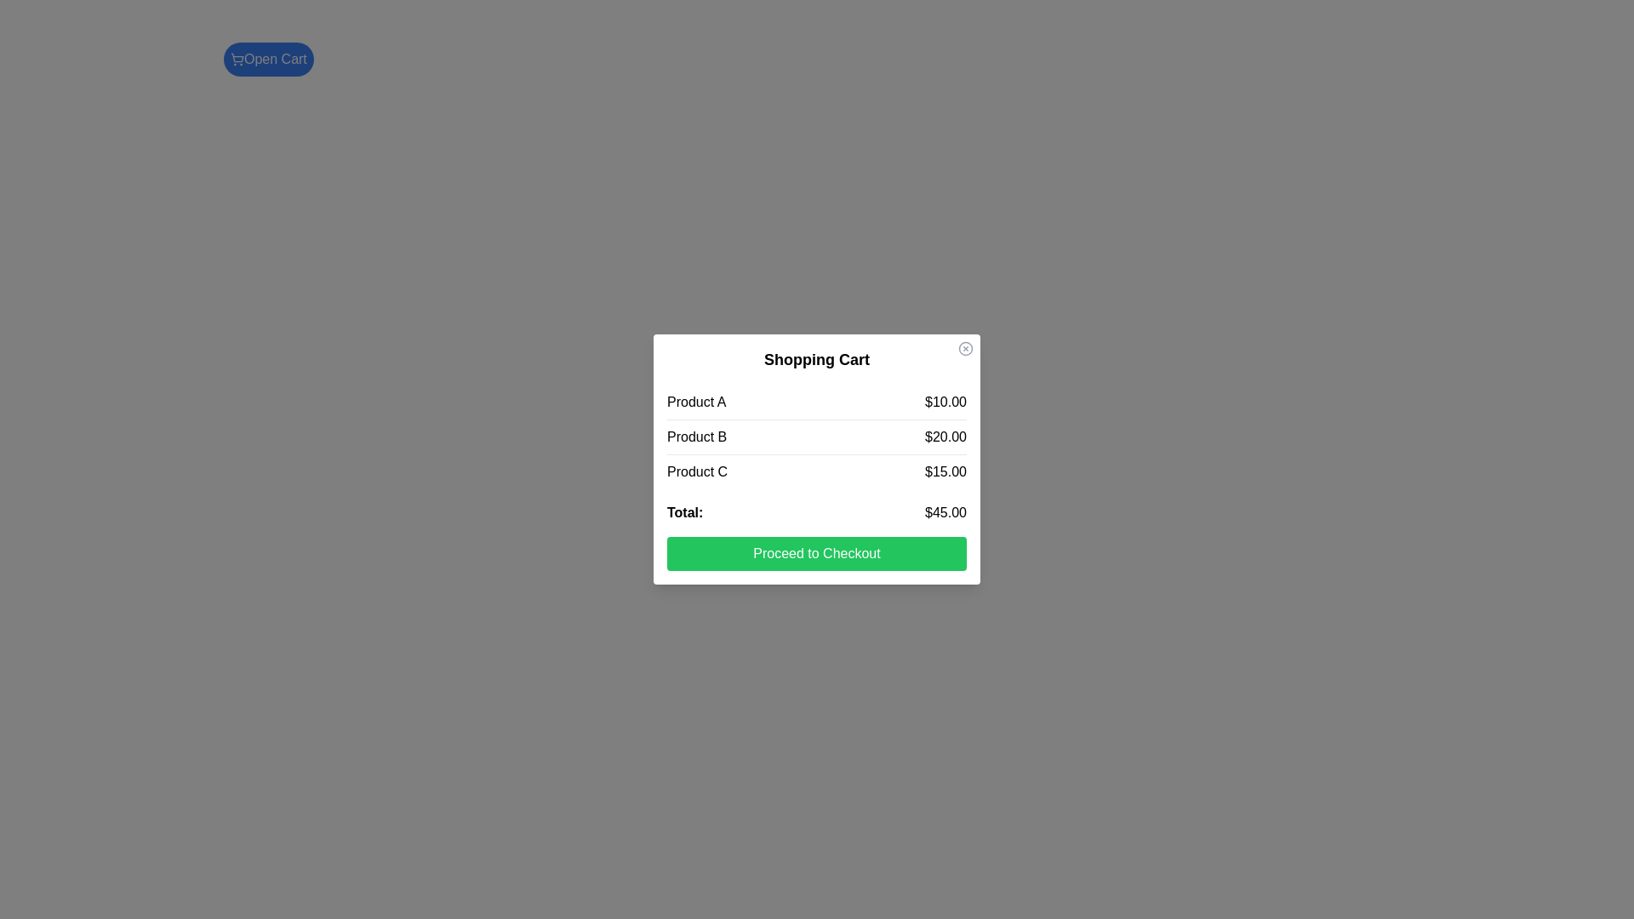 Image resolution: width=1634 pixels, height=919 pixels. I want to click on the total price label in the shopping cart summary section, located at the bottom-right corner next to the 'Total:' text, so click(945, 511).